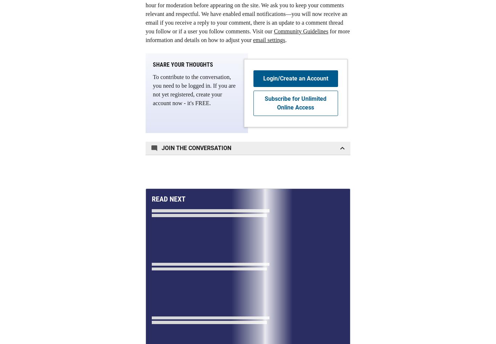  What do you see at coordinates (295, 103) in the screenshot?
I see `'Subscribe for Unlimited Online Access'` at bounding box center [295, 103].